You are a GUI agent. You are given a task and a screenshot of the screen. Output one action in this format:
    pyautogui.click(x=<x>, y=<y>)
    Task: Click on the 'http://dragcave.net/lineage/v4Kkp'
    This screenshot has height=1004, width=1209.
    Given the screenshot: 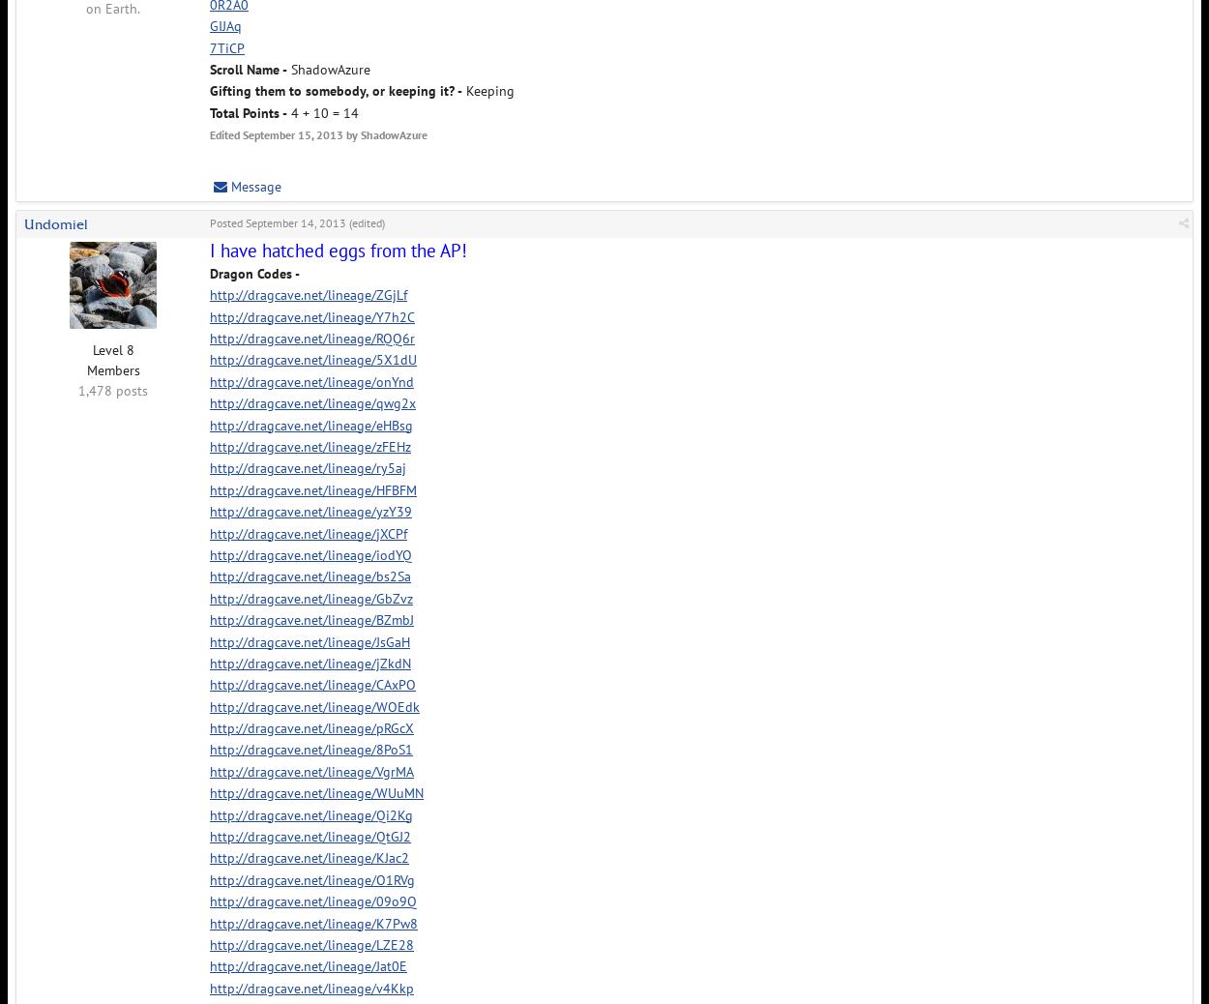 What is the action you would take?
    pyautogui.click(x=310, y=987)
    